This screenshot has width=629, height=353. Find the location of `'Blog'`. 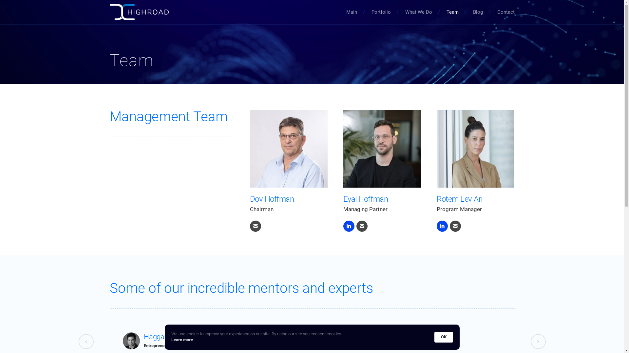

'Blog' is located at coordinates (478, 12).